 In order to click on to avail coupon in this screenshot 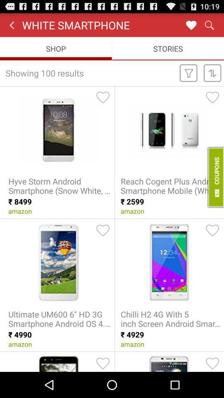, I will do `click(215, 177)`.